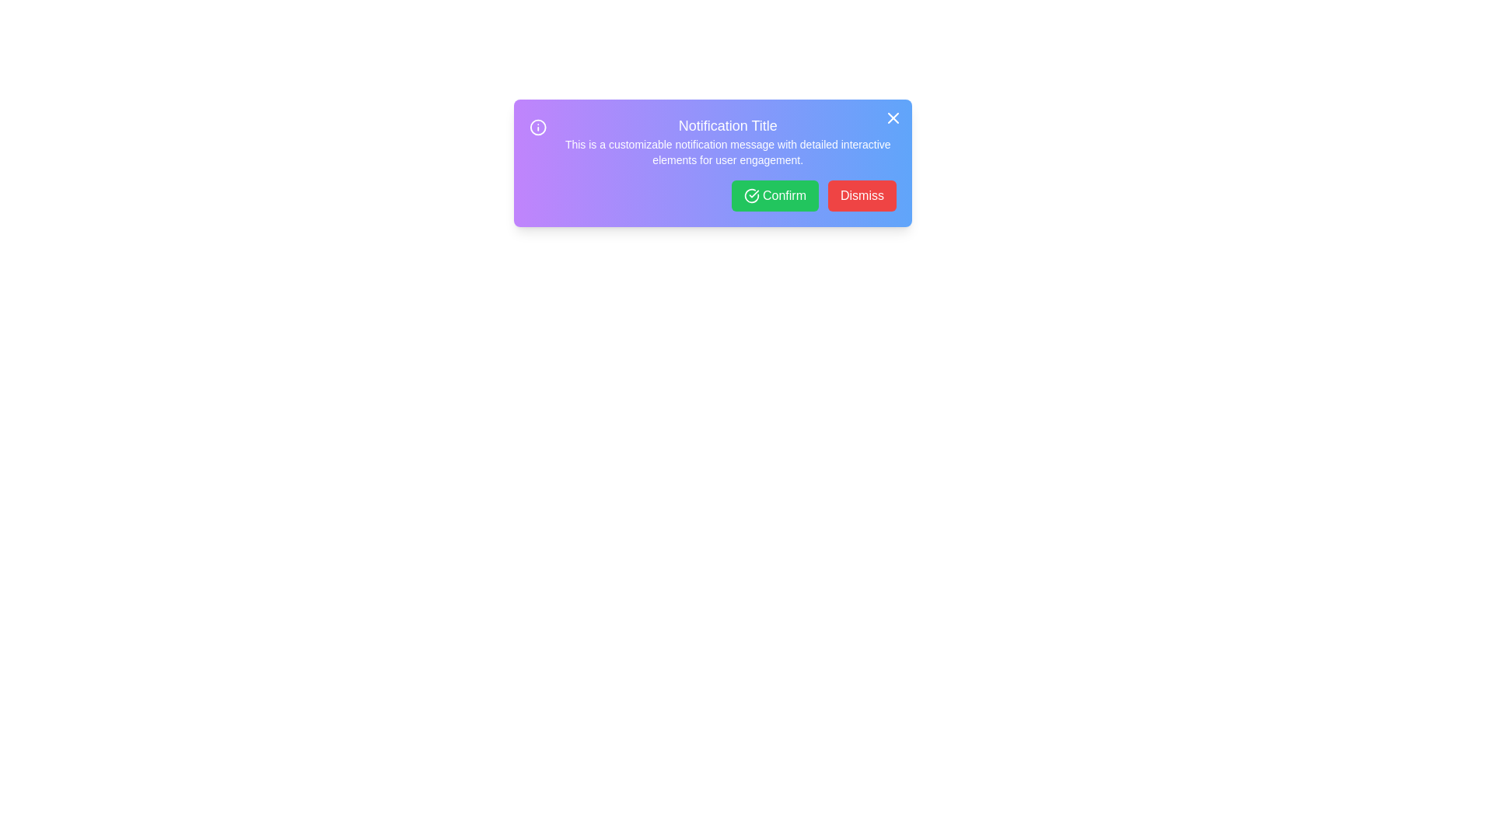  Describe the element at coordinates (861, 194) in the screenshot. I see `the 'Dismiss' button to dismiss the notification` at that location.